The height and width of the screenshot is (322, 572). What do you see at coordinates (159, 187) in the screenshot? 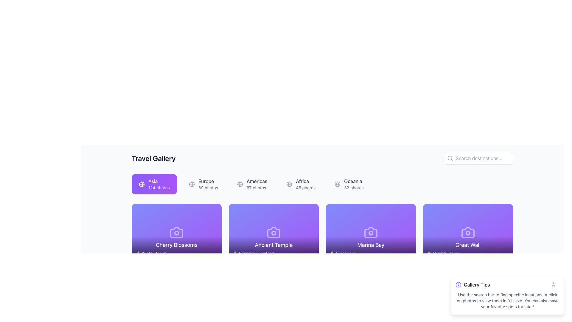
I see `the informational label indicating the number of photos available for the 'Asia' category, positioned directly below the text 'Asia'` at bounding box center [159, 187].